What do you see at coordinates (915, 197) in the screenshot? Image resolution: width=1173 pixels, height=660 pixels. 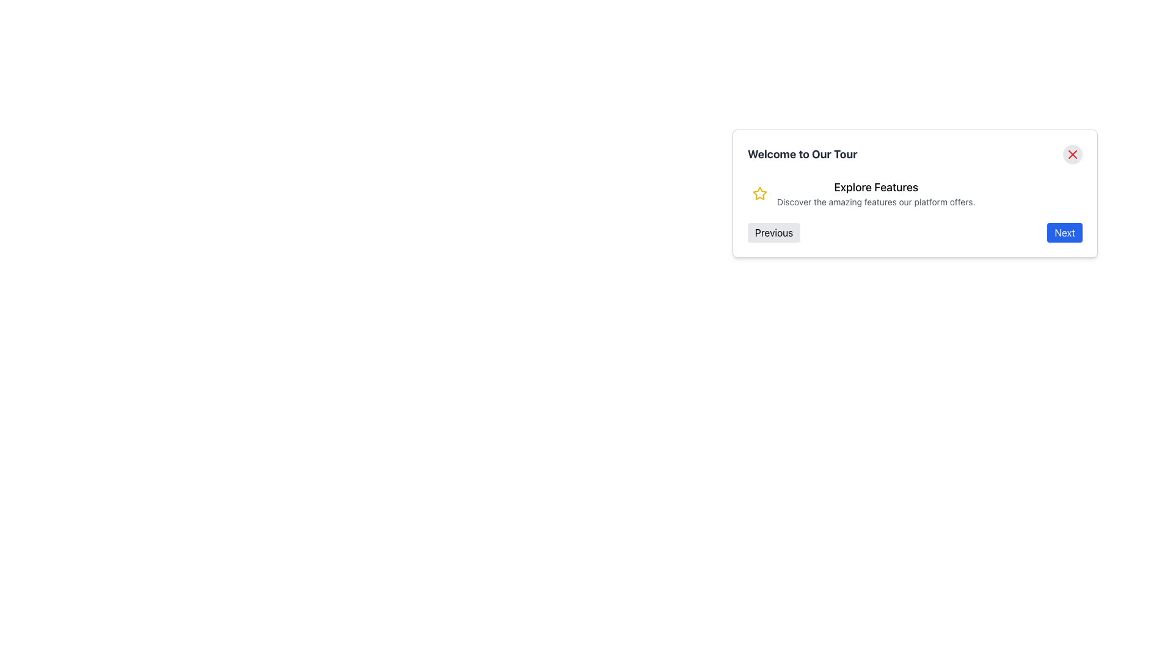 I see `the modal window titled 'Welcome to Our Tour', which contains a heading 'Explore Features' and two buttons labeled 'Previous' and 'Next'` at bounding box center [915, 197].